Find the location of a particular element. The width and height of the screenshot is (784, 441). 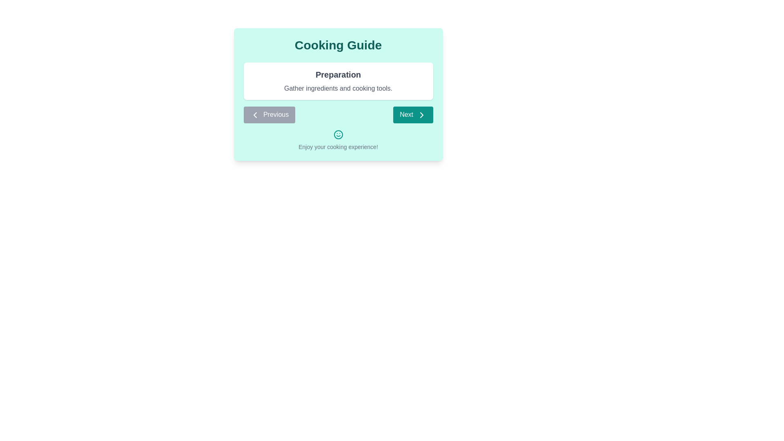

the 'Cooking Guide' header text block that indicates the topic of the section is located at coordinates (338, 45).